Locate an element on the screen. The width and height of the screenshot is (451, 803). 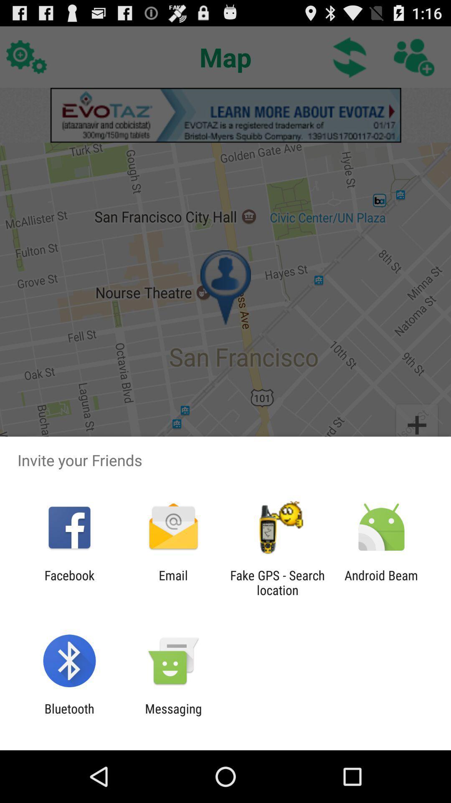
the facebook app is located at coordinates (69, 582).